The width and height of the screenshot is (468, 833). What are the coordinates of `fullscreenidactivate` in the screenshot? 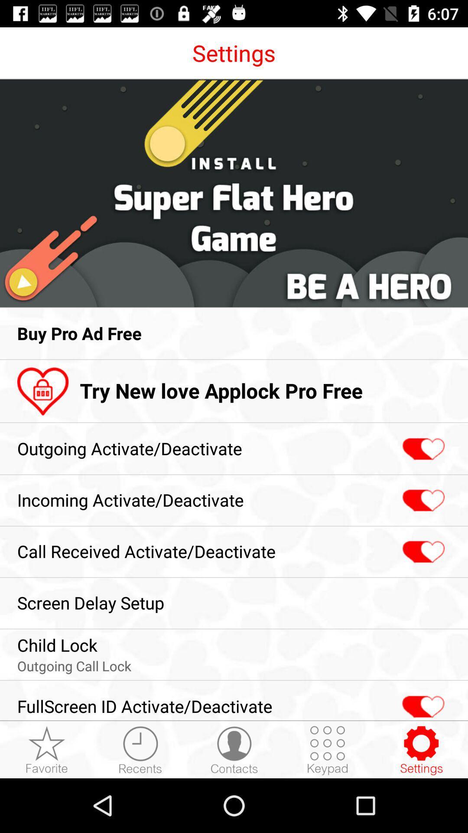 It's located at (422, 702).